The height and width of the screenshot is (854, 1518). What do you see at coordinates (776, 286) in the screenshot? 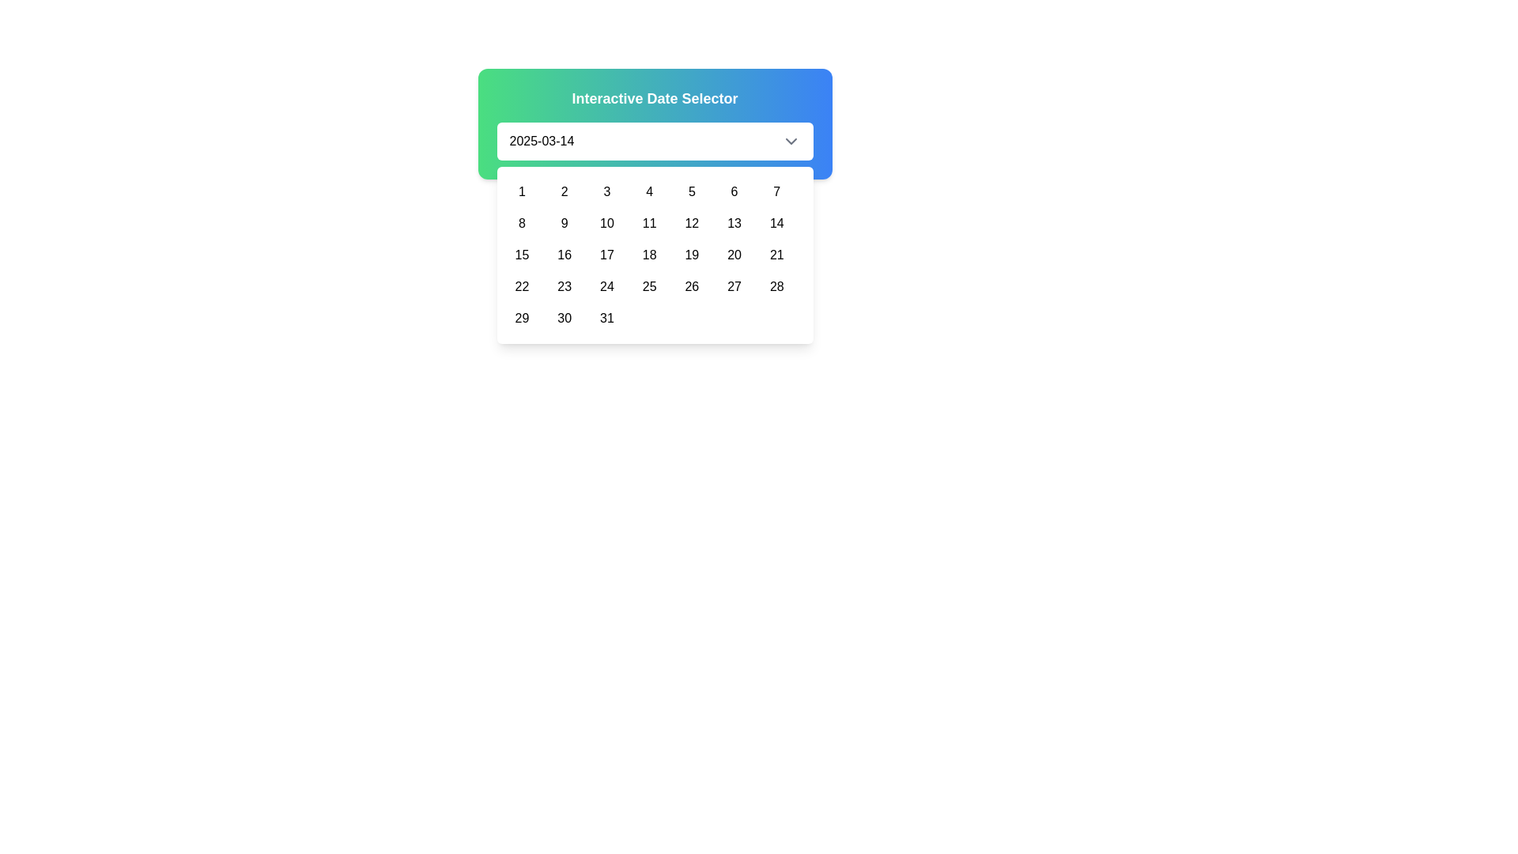
I see `the button representing the 28th day of the month in the calendar view` at bounding box center [776, 286].